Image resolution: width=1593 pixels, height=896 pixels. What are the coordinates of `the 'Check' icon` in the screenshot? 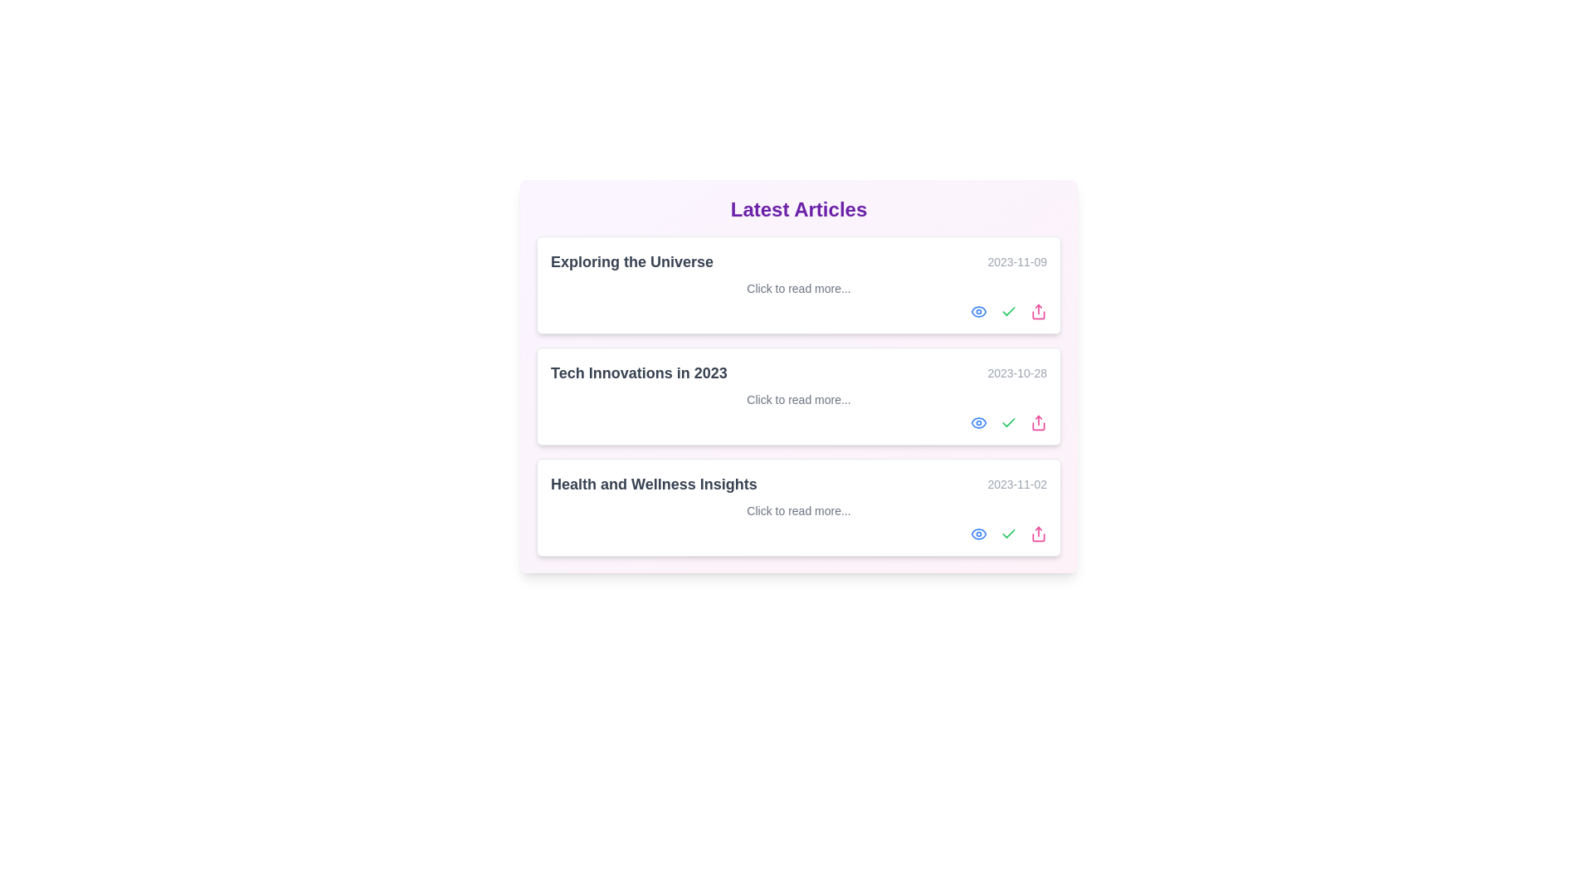 It's located at (1007, 311).